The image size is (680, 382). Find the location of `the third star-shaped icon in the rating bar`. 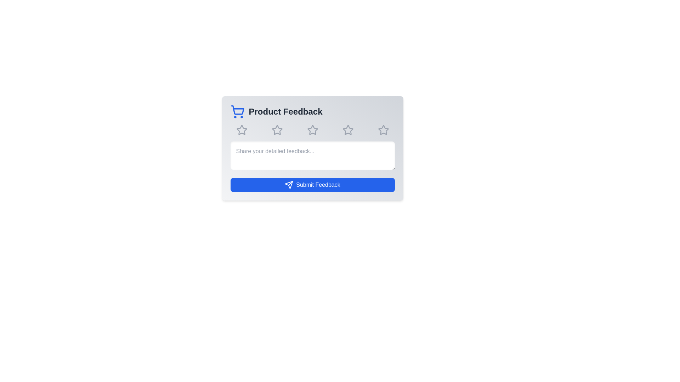

the third star-shaped icon in the rating bar is located at coordinates (312, 130).